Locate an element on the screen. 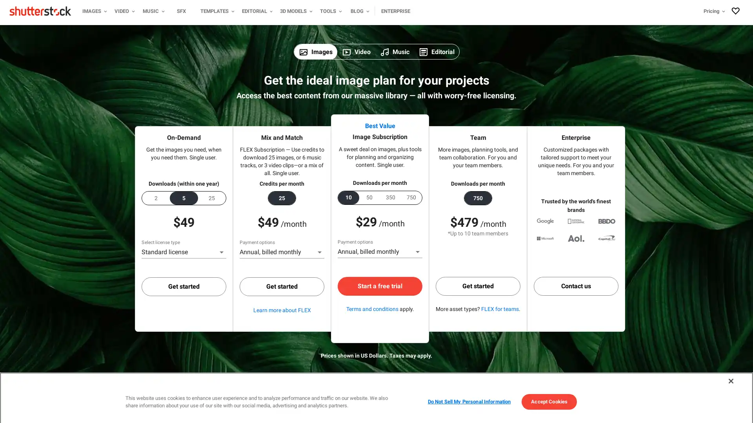 This screenshot has width=753, height=423. Shutterstock logo is located at coordinates (41, 11).